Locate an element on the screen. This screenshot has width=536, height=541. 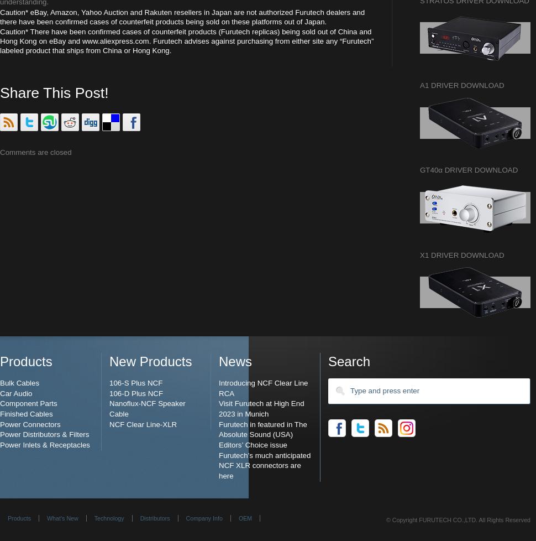
'Comments are closed' is located at coordinates (35, 152).